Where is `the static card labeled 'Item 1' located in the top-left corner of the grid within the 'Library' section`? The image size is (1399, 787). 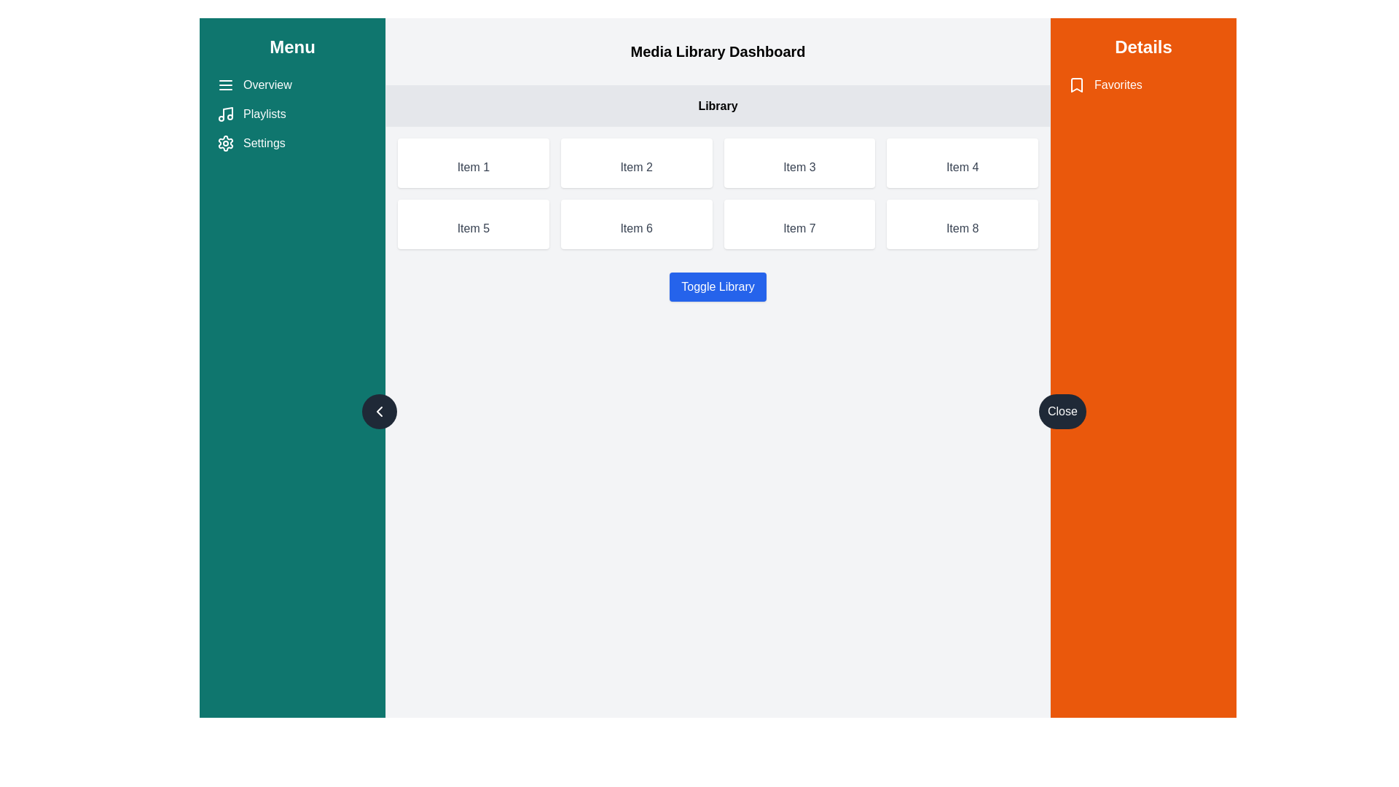 the static card labeled 'Item 1' located in the top-left corner of the grid within the 'Library' section is located at coordinates (473, 163).